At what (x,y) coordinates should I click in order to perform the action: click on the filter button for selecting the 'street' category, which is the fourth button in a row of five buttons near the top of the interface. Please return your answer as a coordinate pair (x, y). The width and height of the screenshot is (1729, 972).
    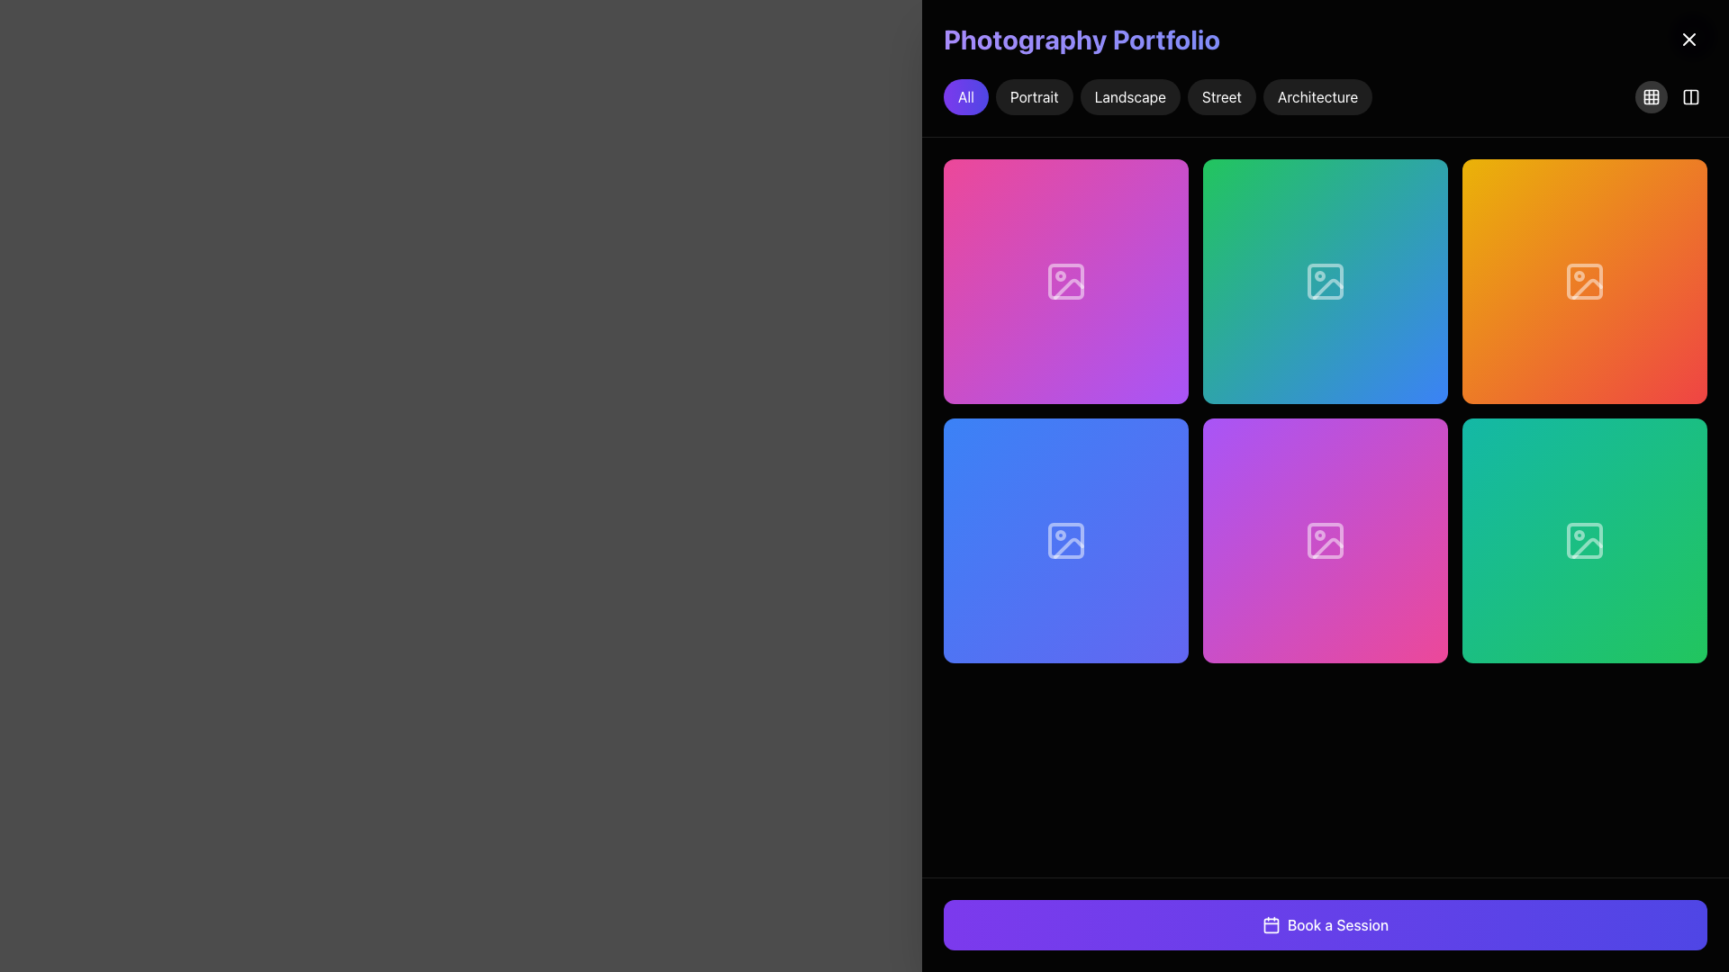
    Looking at the image, I should click on (1221, 97).